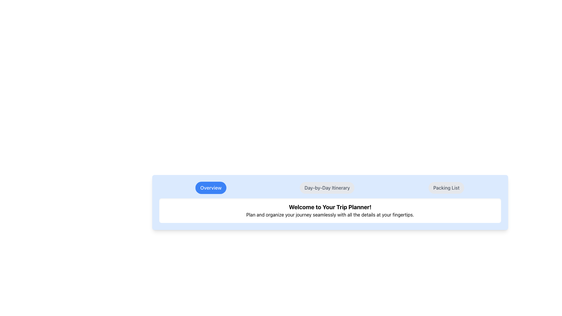 Image resolution: width=562 pixels, height=316 pixels. What do you see at coordinates (330, 214) in the screenshot?
I see `the static text that provides additional context or instructions related to the title 'Welcome to Your Trip Planner!'` at bounding box center [330, 214].